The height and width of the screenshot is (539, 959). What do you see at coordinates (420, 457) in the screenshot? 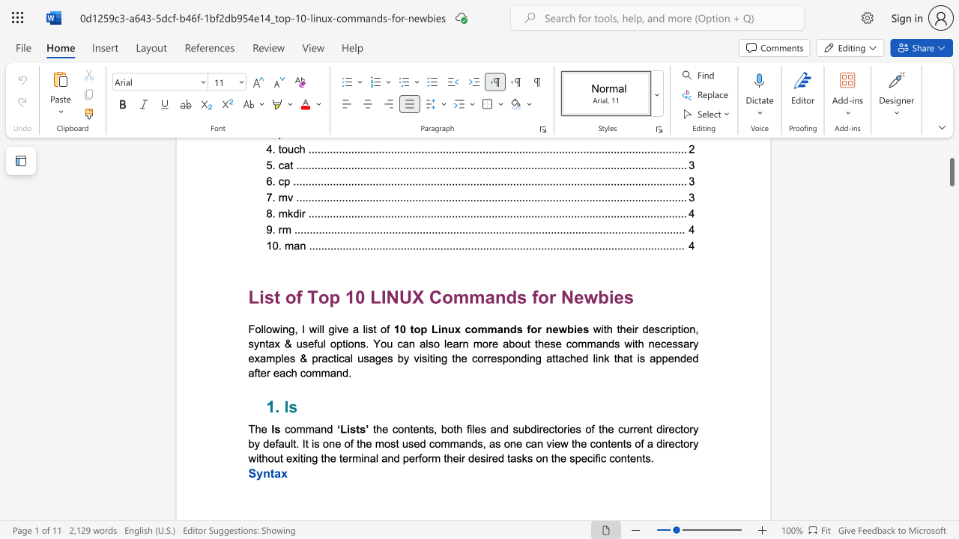
I see `the subset text "orm their desired tasks on the sp" within the text "the contents, both files and subdirectories of the current directory by default. It is one of the most used commands, as one can view the contents of a directory without exiting the terminal and perform their desired tasks on the specific contents."` at bounding box center [420, 457].